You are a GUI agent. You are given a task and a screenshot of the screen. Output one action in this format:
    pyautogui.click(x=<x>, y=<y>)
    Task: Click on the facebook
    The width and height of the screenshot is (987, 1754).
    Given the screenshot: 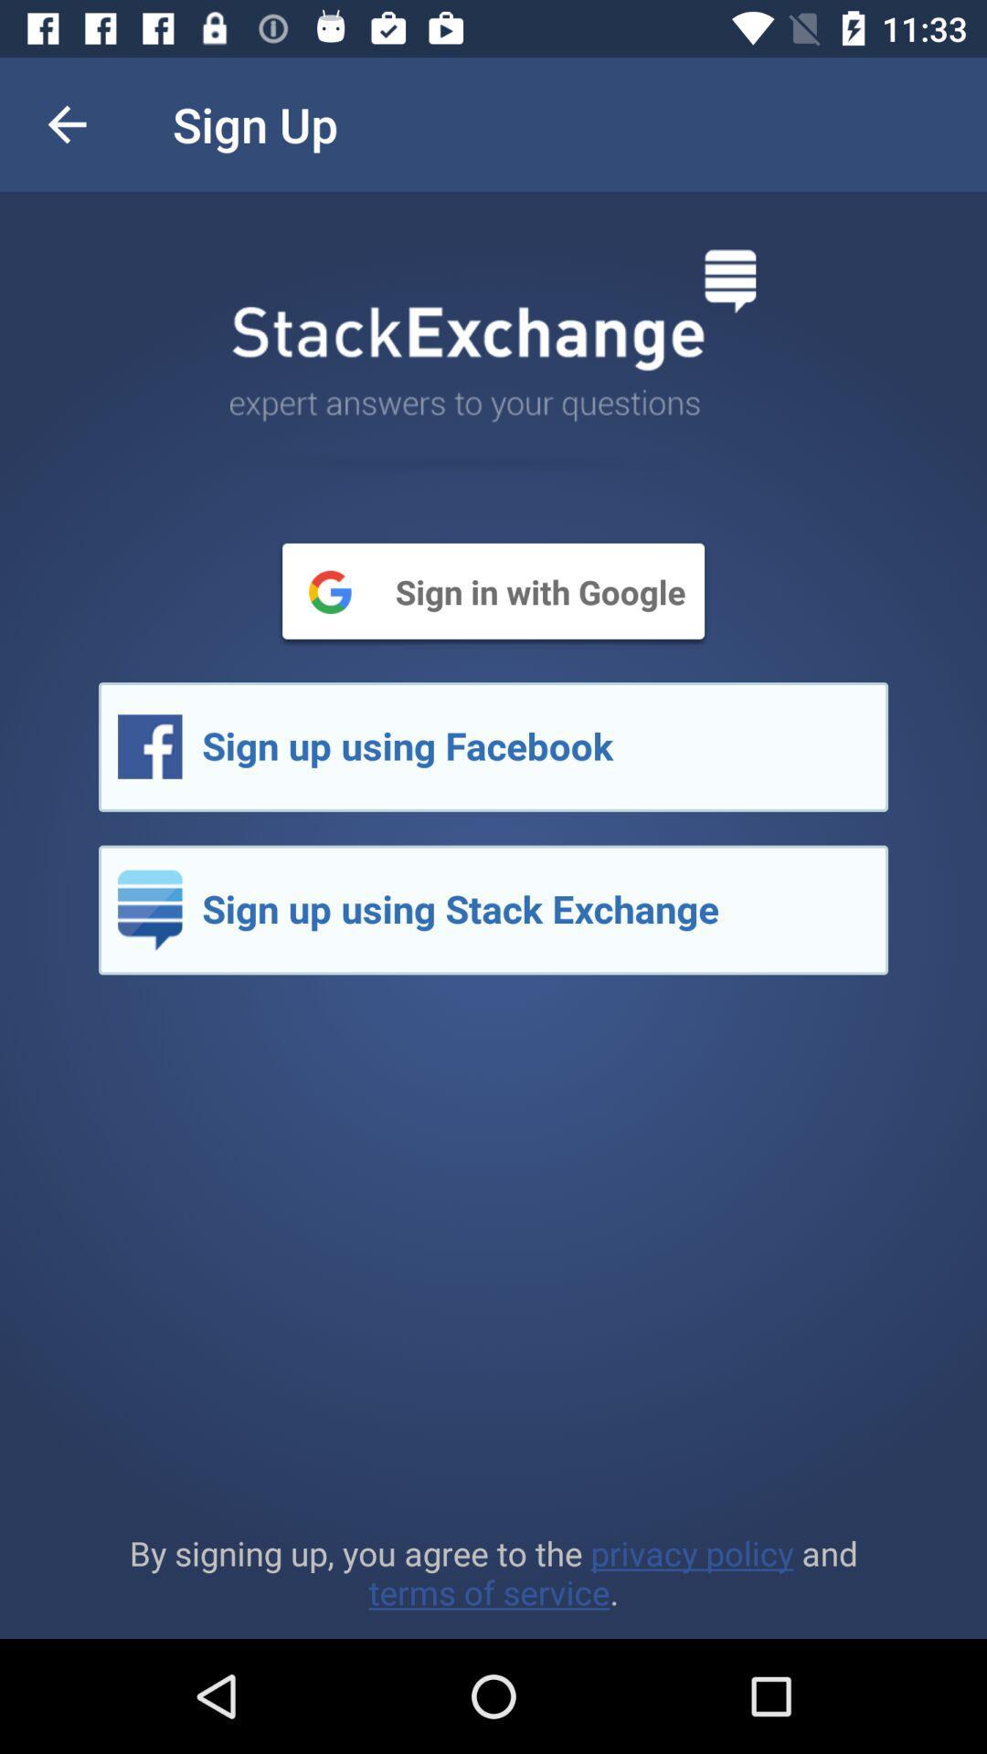 What is the action you would take?
    pyautogui.click(x=493, y=746)
    